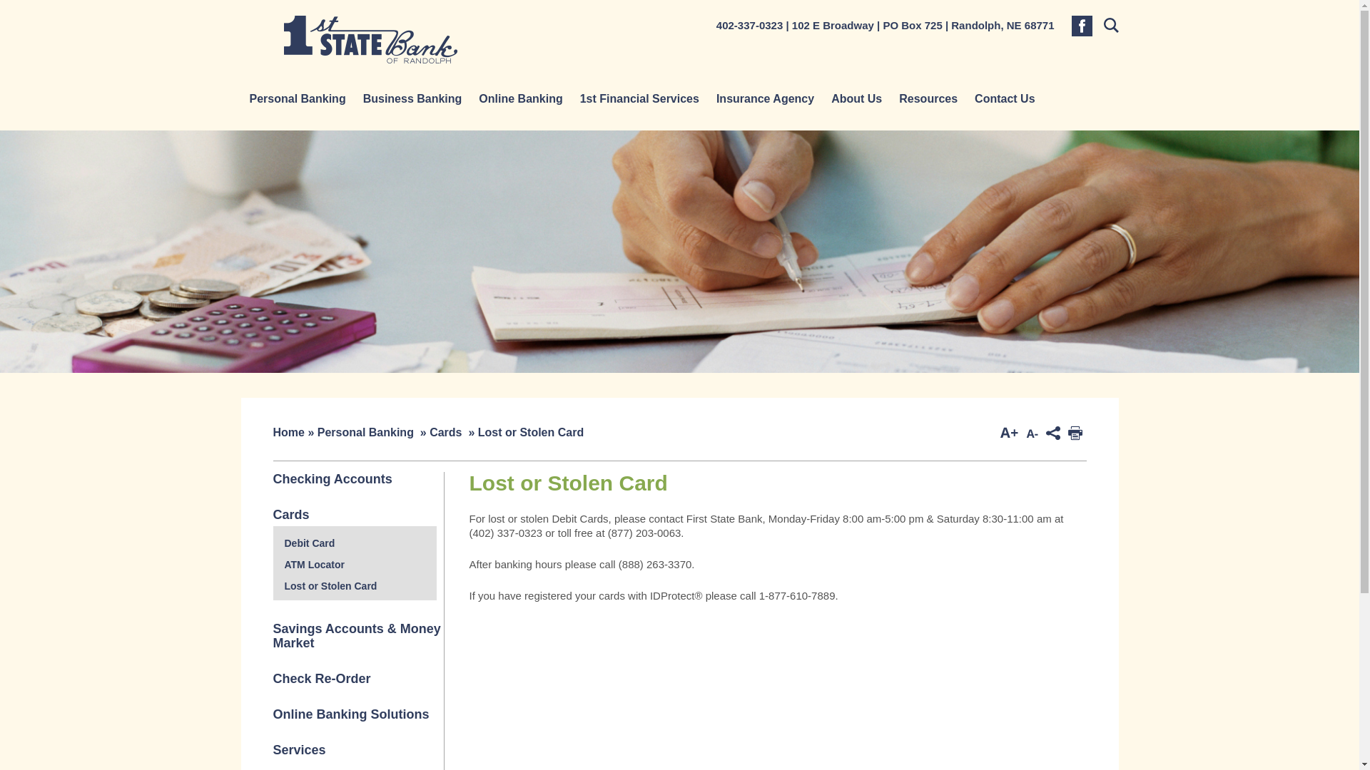 The image size is (1370, 770). Describe the element at coordinates (273, 635) in the screenshot. I see `'Savings Accounts & Money Market'` at that location.